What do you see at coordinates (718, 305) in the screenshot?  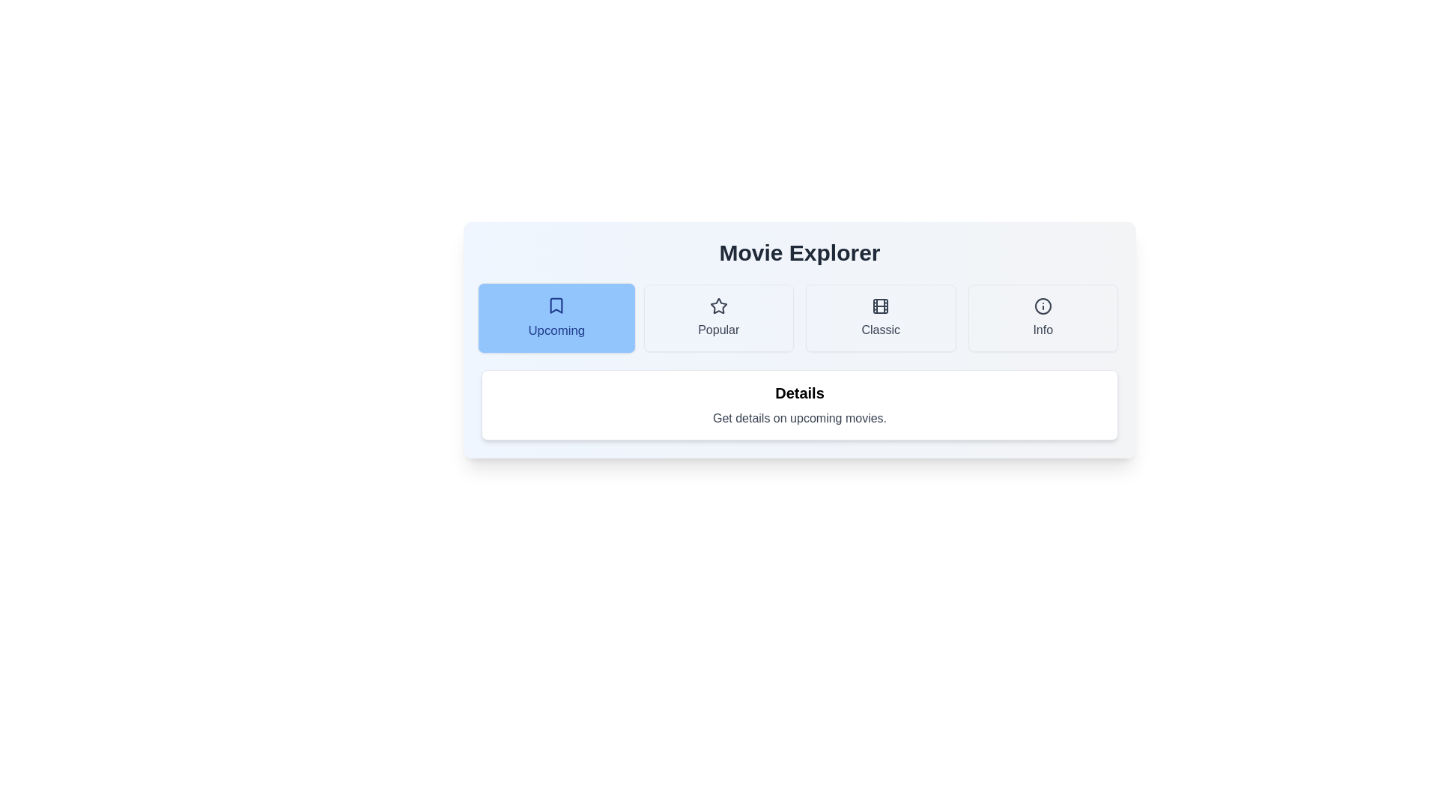 I see `the star icon that represents the 'Popular' category in the navigation bar under the 'Movie Explorer' heading` at bounding box center [718, 305].